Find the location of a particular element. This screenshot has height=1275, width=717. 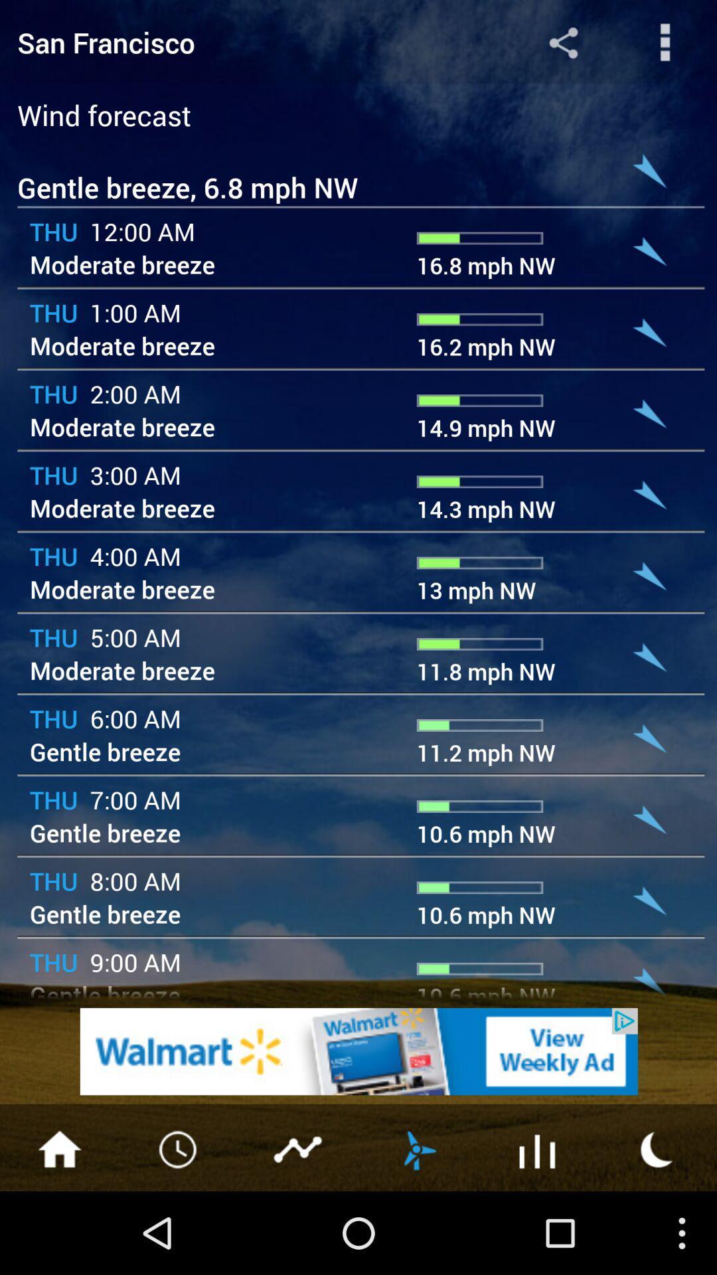

settings is located at coordinates (665, 42).